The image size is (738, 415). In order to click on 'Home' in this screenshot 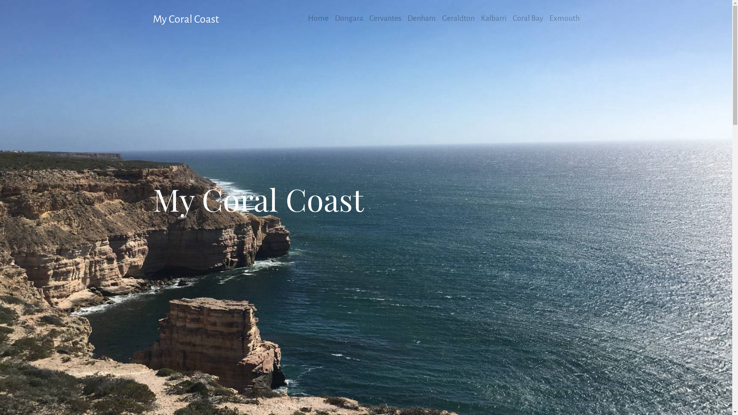, I will do `click(317, 18)`.